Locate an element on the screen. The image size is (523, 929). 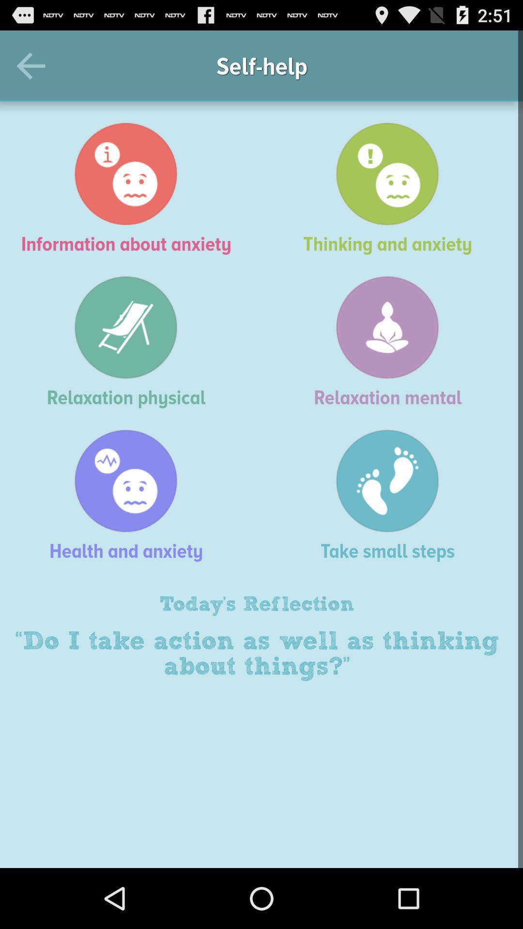
the icon next to the relaxation mental icon is located at coordinates (131, 342).